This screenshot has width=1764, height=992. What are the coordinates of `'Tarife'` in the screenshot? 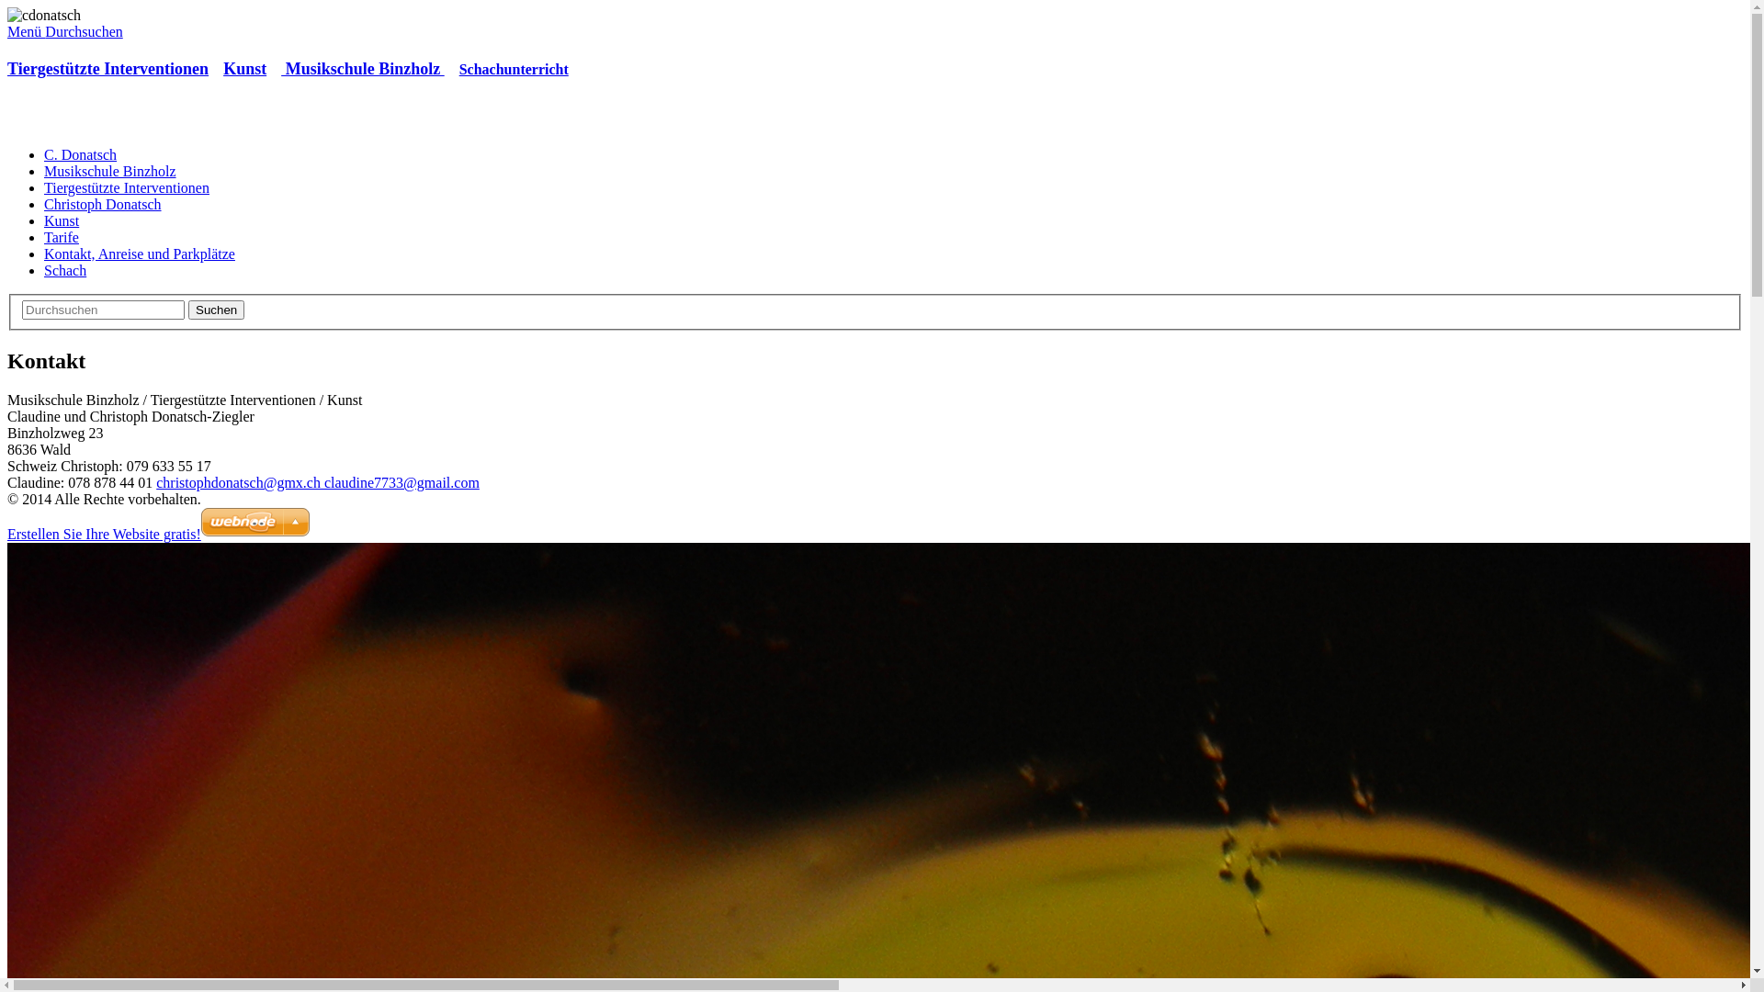 It's located at (62, 236).